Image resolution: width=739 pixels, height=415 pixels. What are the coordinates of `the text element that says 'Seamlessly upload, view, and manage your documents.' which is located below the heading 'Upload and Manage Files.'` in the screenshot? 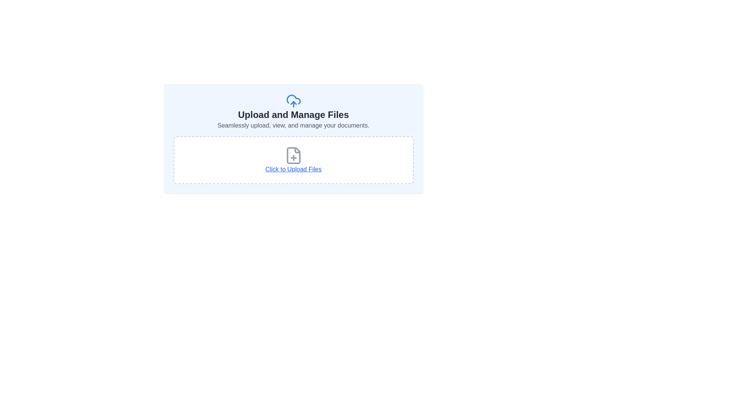 It's located at (293, 125).